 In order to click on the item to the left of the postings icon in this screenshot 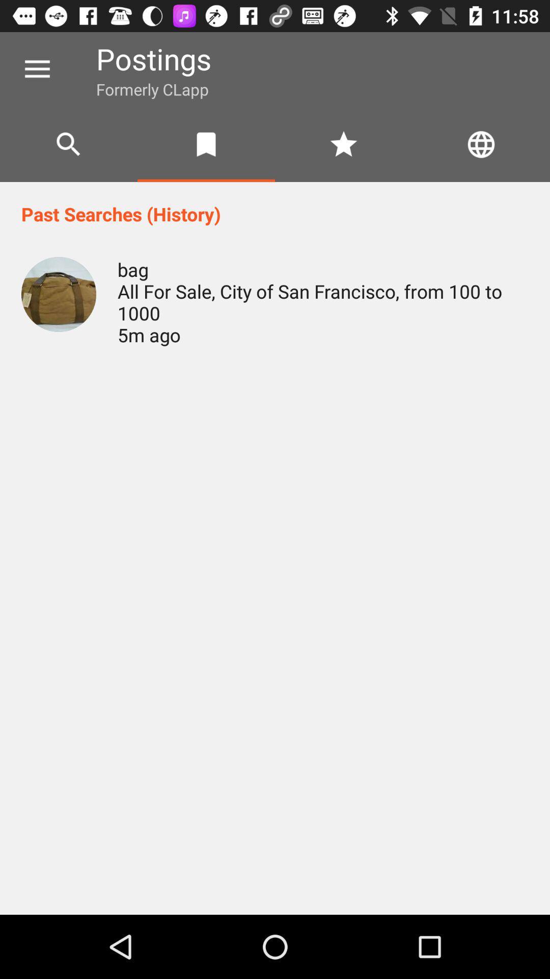, I will do `click(37, 69)`.